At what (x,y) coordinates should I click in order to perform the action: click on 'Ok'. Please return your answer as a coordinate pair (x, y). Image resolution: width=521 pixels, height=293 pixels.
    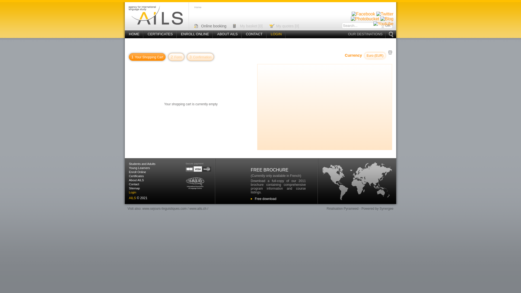
    Looking at the image, I should click on (387, 25).